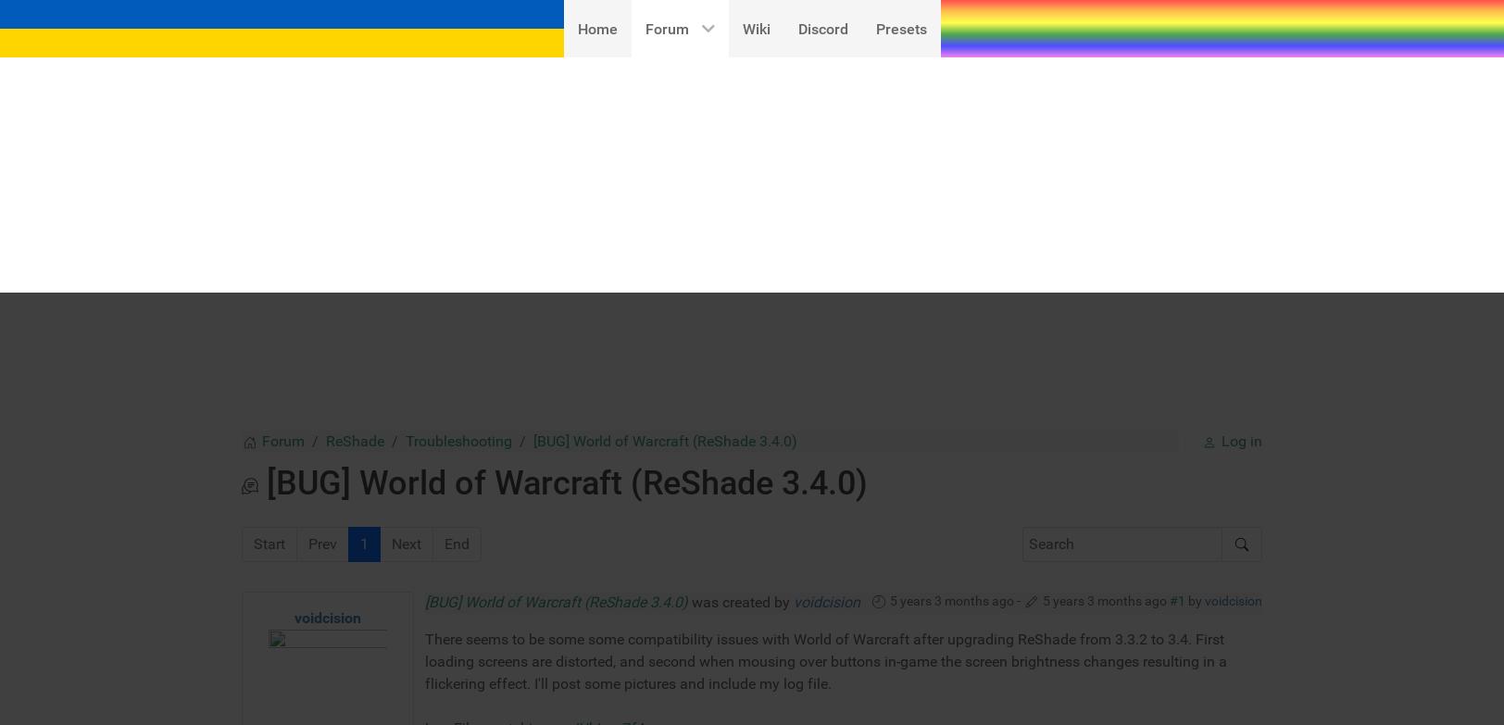 The image size is (1504, 725). What do you see at coordinates (269, 250) in the screenshot?
I see `'Start'` at bounding box center [269, 250].